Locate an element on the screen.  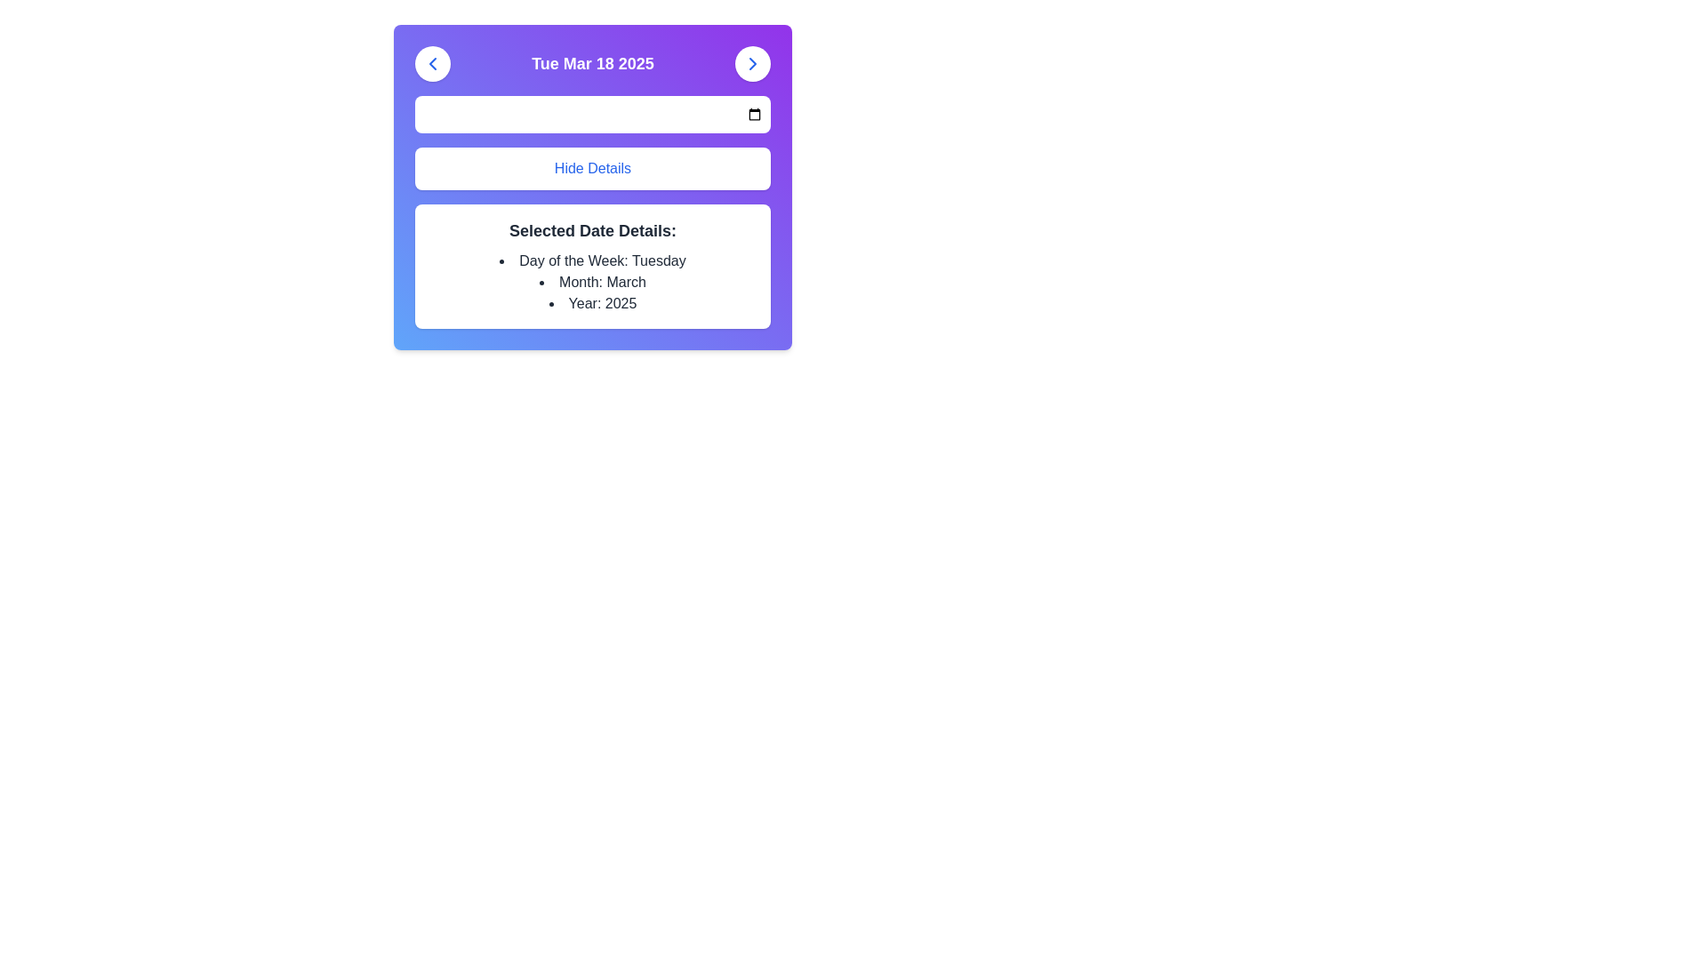
the 'Hide Details' button, which is a rectangular button with white text on a blue background, located below a white text area and above the 'Selected Date Details' section is located at coordinates (593, 188).